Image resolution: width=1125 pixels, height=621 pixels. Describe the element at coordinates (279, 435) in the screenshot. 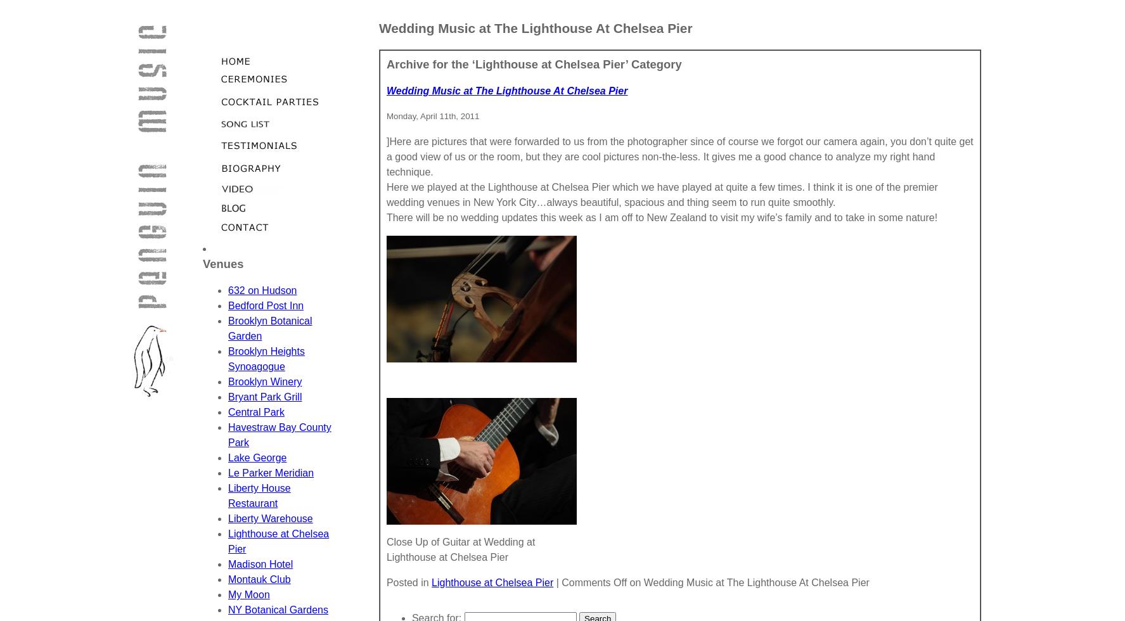

I see `'Havestraw Bay County Park'` at that location.